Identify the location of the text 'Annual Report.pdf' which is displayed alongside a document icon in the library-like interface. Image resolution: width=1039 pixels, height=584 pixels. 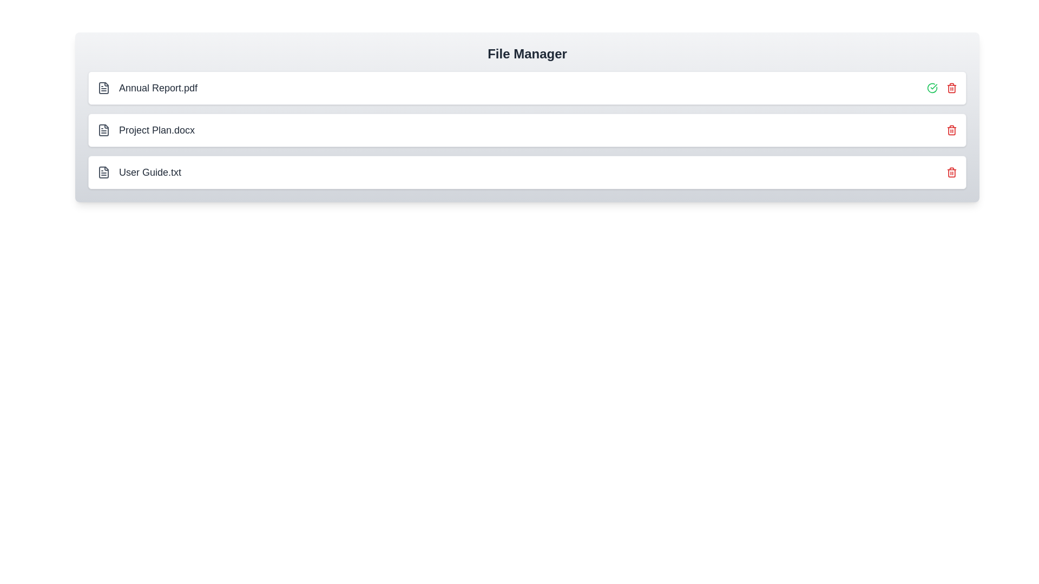
(147, 87).